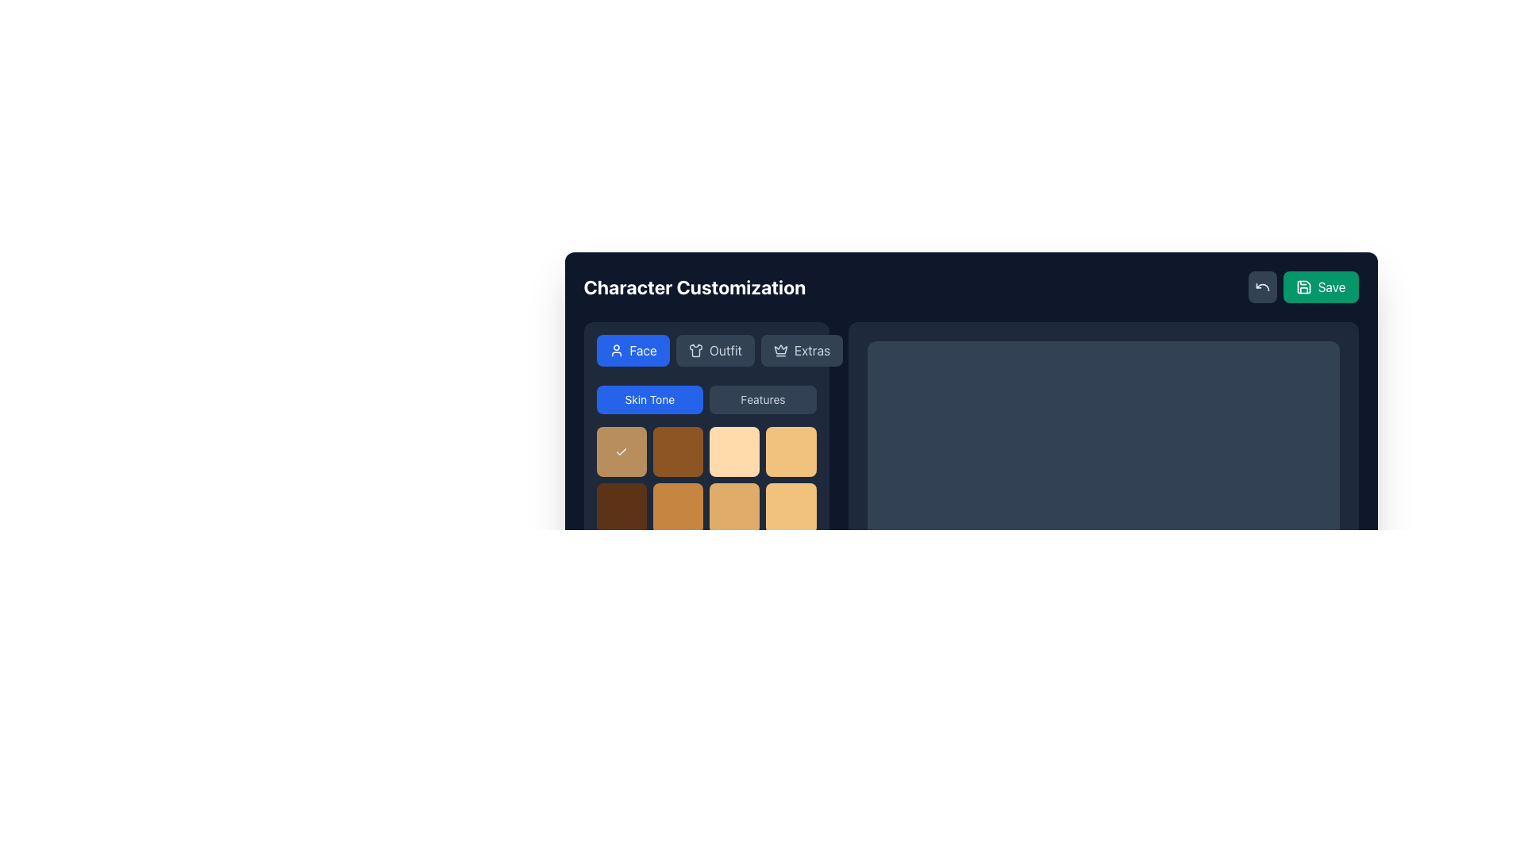 The height and width of the screenshot is (857, 1524). Describe the element at coordinates (733, 452) in the screenshot. I see `the selectable option button in the third column of the first row within the 'Skin Tone' section of the character customization interface` at that location.